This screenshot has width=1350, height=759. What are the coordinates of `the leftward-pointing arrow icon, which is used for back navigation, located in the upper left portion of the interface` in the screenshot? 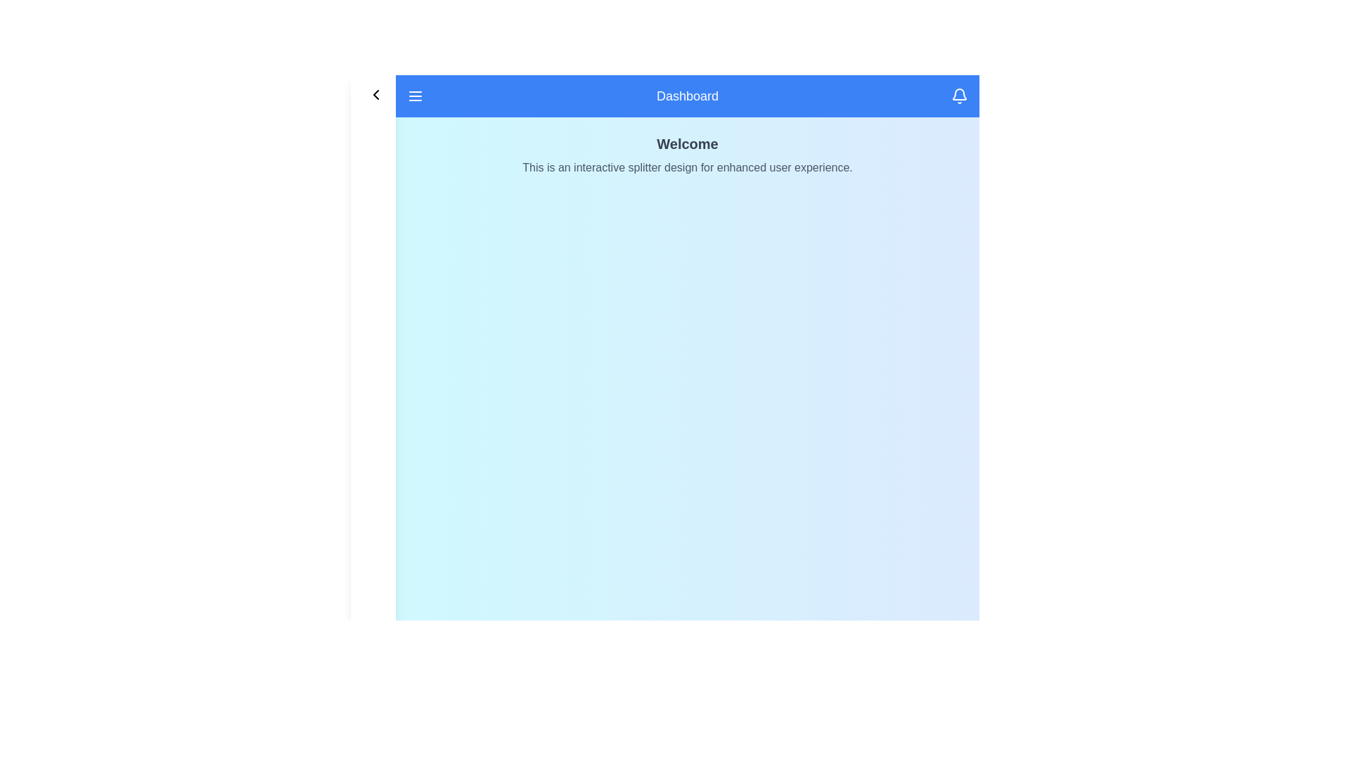 It's located at (375, 95).